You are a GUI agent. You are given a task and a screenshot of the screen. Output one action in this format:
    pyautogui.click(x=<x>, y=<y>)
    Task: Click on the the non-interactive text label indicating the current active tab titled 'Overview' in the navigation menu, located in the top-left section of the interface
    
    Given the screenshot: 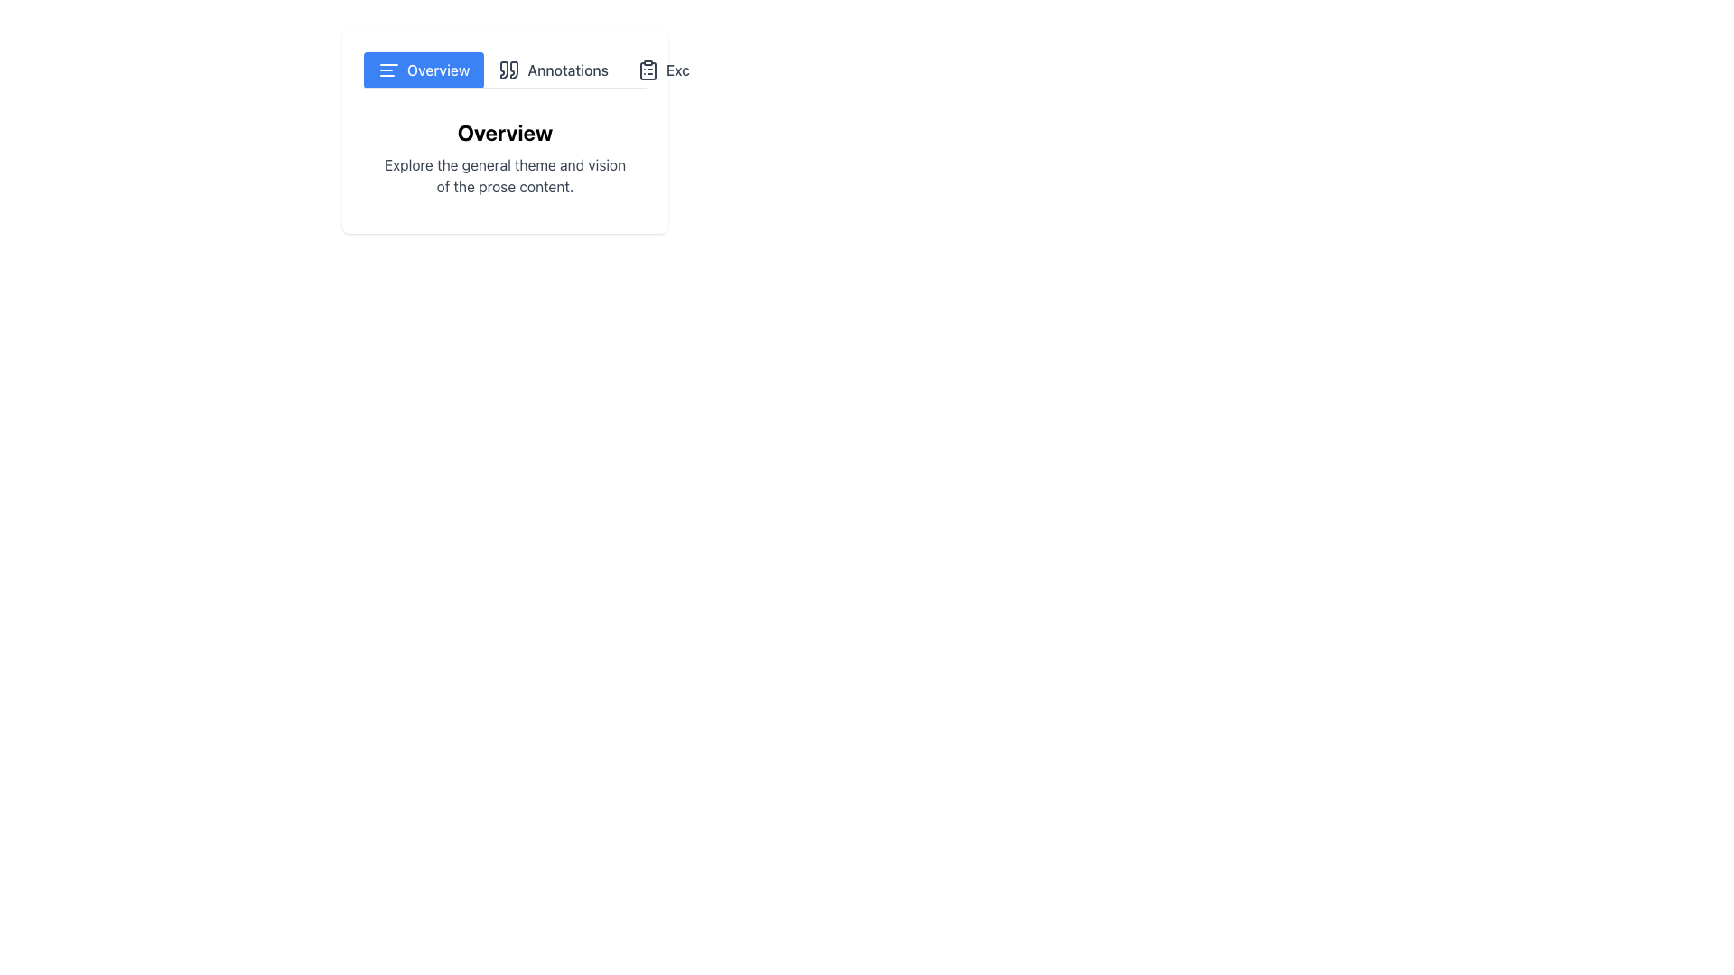 What is the action you would take?
    pyautogui.click(x=438, y=69)
    